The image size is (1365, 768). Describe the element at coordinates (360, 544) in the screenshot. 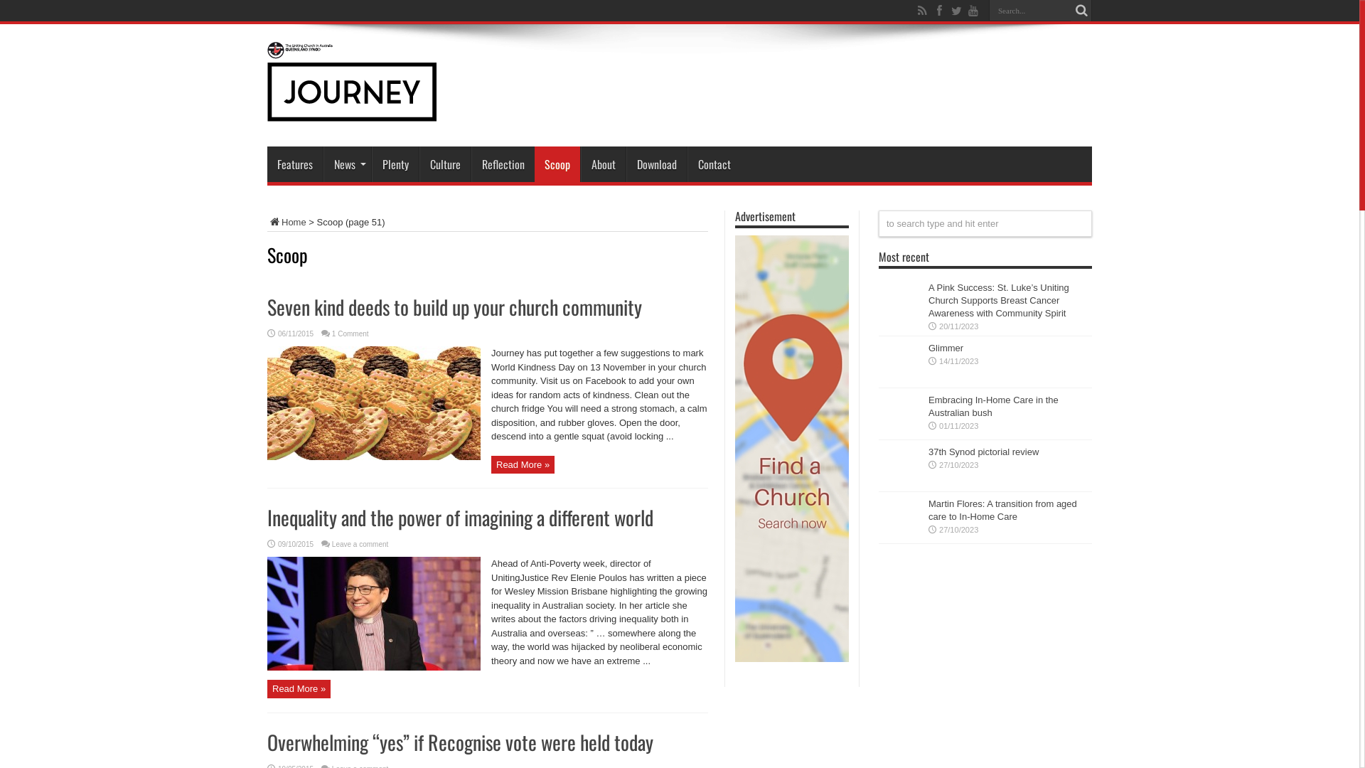

I see `'Leave a comment'` at that location.